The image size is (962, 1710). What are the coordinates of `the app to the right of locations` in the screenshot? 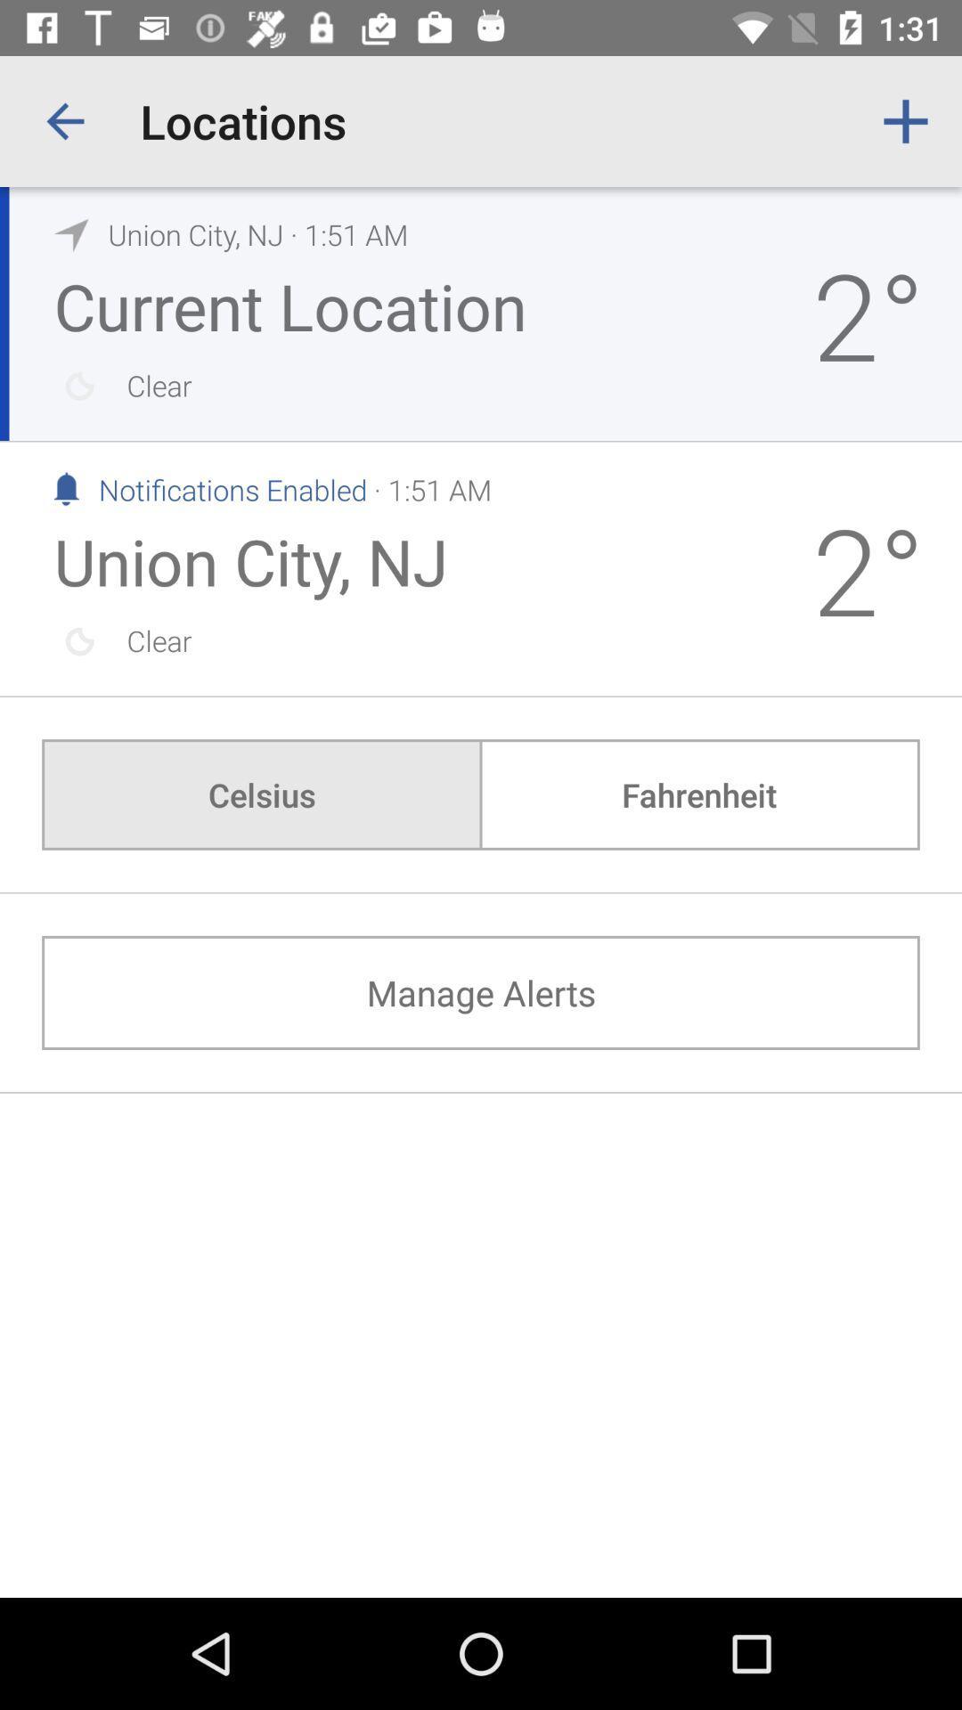 It's located at (906, 120).